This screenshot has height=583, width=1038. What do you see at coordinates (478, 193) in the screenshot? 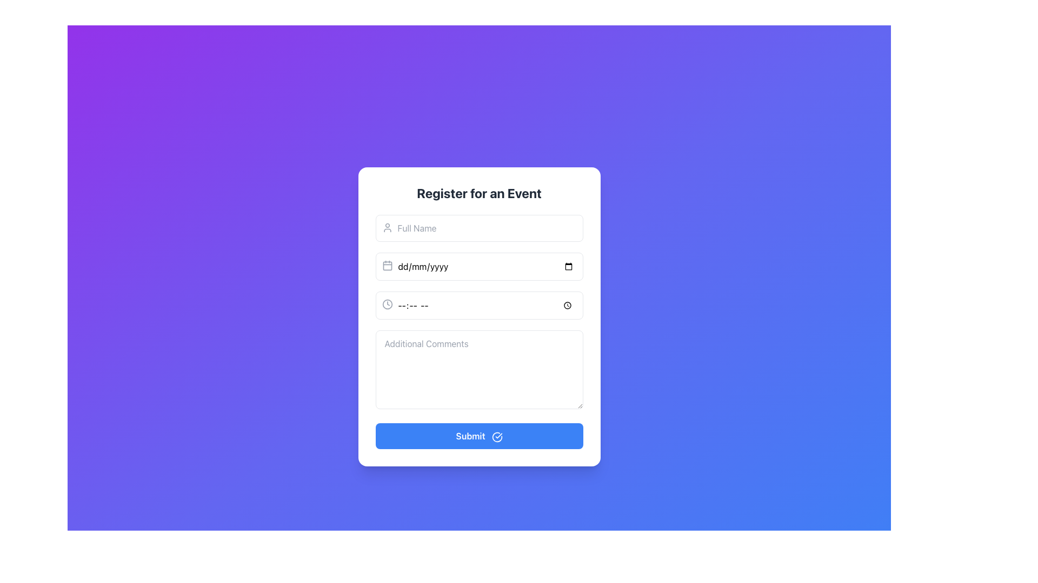
I see `static text heading at the top of the event registration form, which indicates the purpose of the form` at bounding box center [478, 193].